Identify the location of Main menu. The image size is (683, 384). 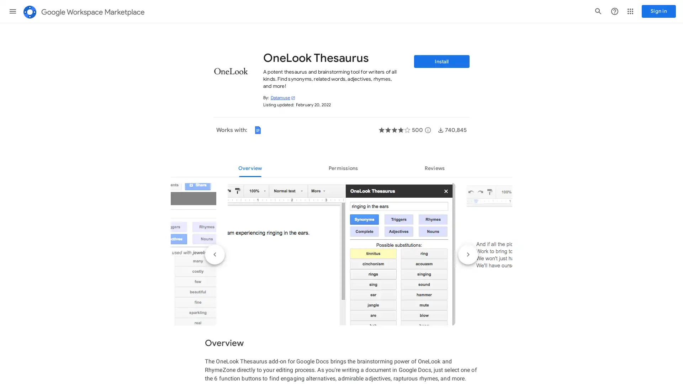
(12, 11).